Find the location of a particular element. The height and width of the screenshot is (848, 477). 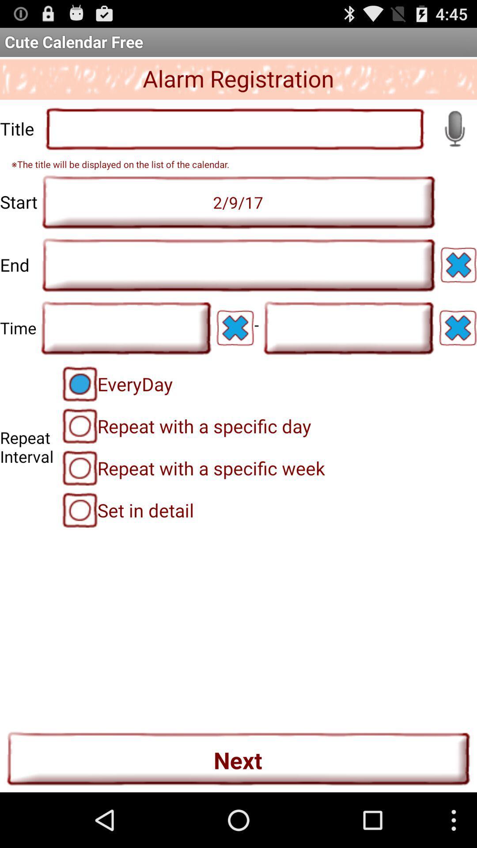

the icon below set in detail item is located at coordinates (238, 758).